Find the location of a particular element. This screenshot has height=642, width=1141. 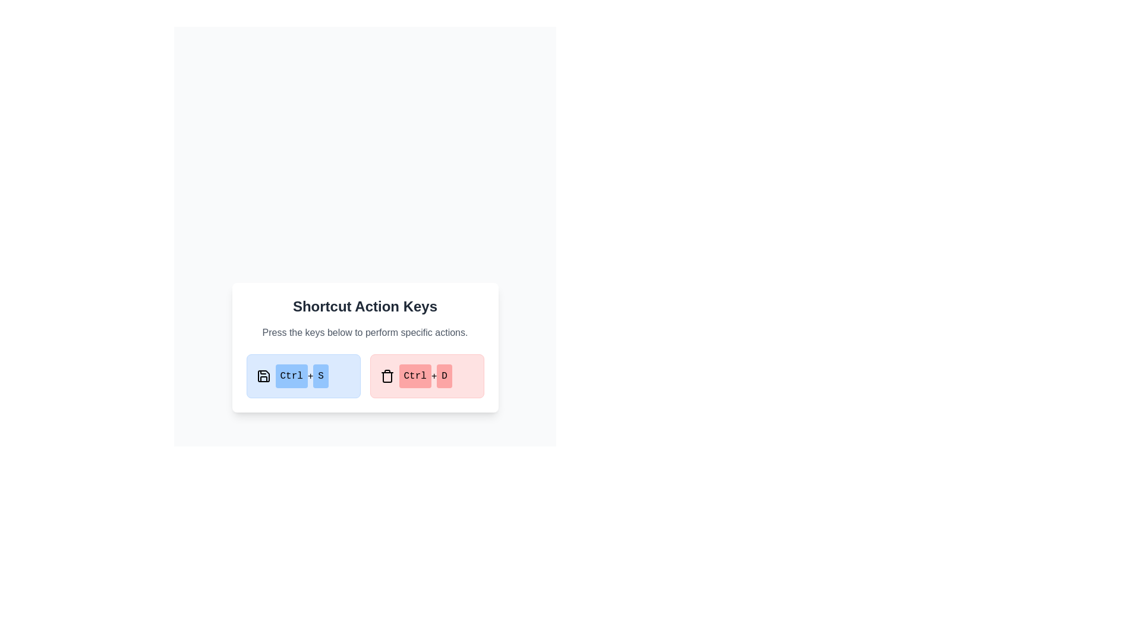

the blue button with rounded corners that has a save icon and the text 'Ctrl + S' is located at coordinates (303, 376).